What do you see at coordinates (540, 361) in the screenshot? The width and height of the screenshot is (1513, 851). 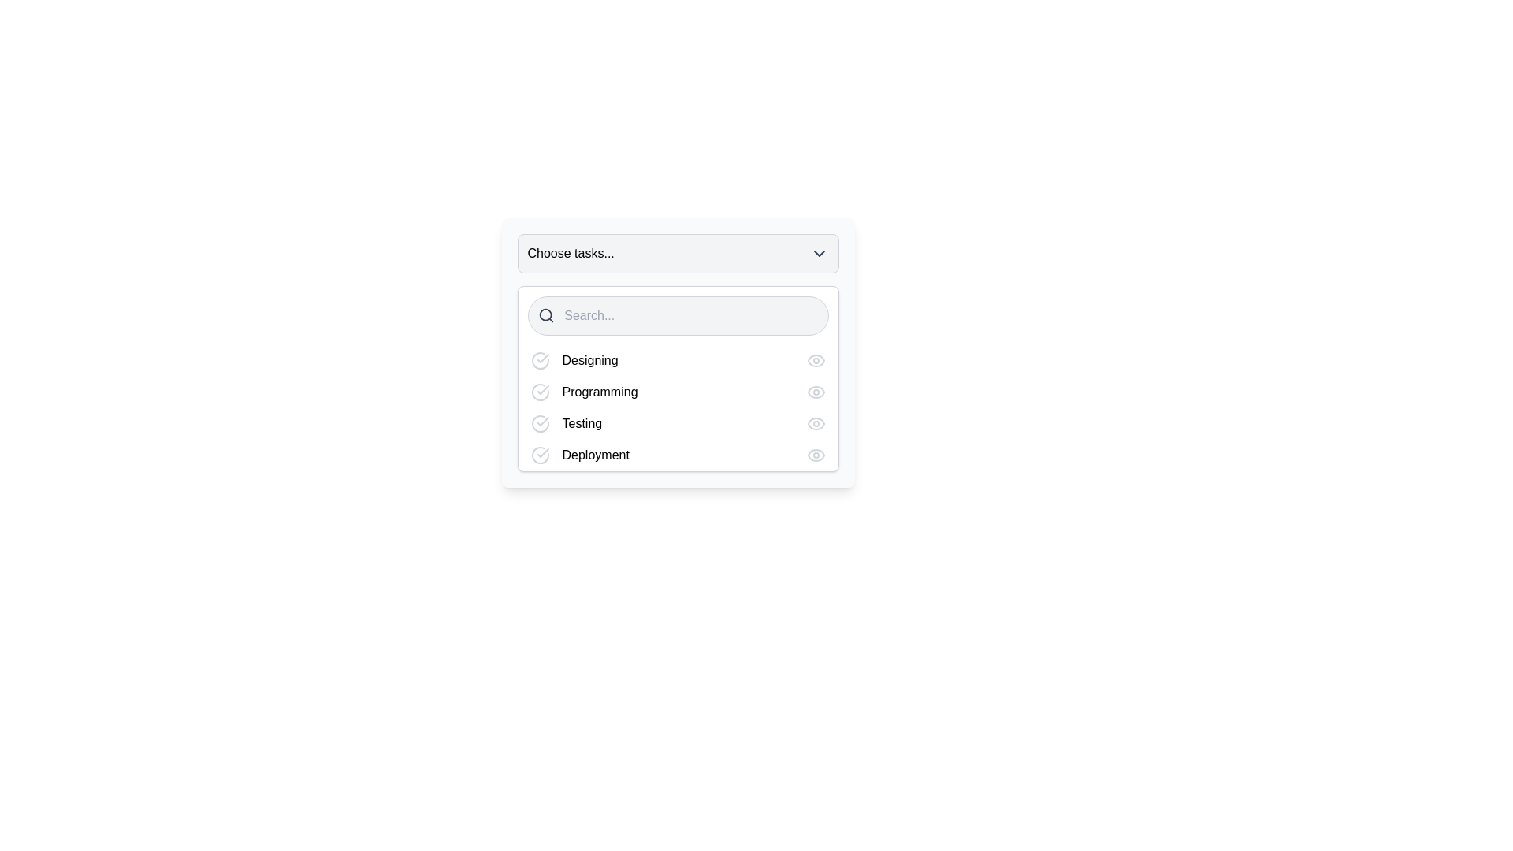 I see `the status icon to the left of the 'Designing' task in the dropdown menu` at bounding box center [540, 361].